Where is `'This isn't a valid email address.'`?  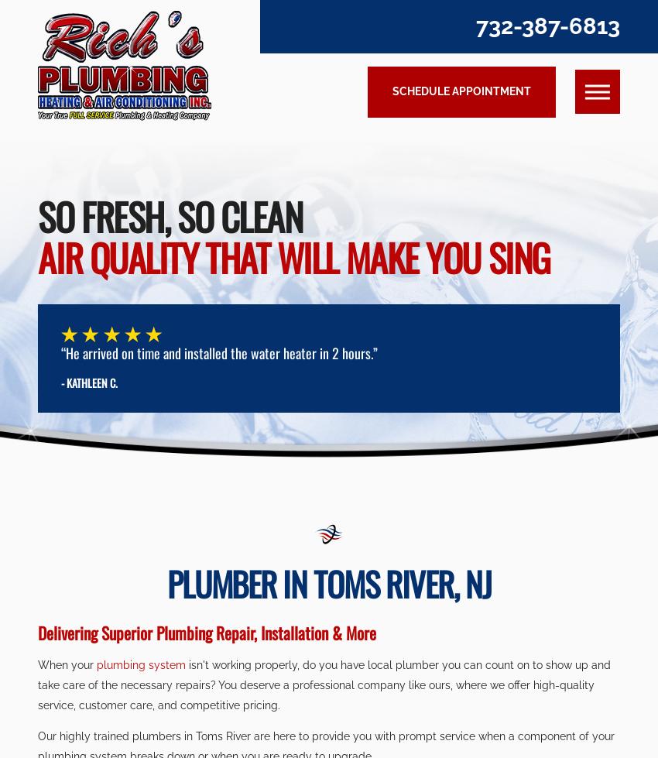
'This isn't a valid email address.' is located at coordinates (510, 194).